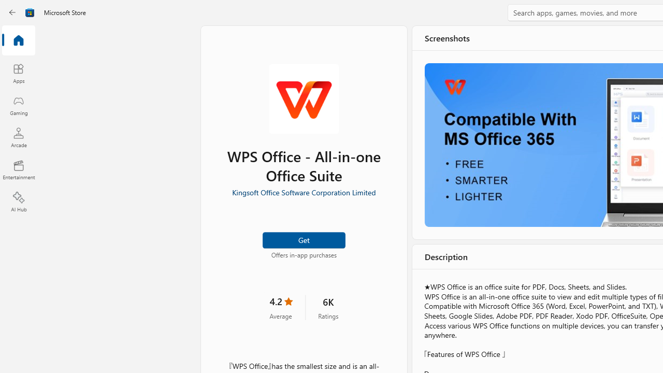 This screenshot has height=373, width=663. Describe the element at coordinates (18, 73) in the screenshot. I see `'Apps'` at that location.